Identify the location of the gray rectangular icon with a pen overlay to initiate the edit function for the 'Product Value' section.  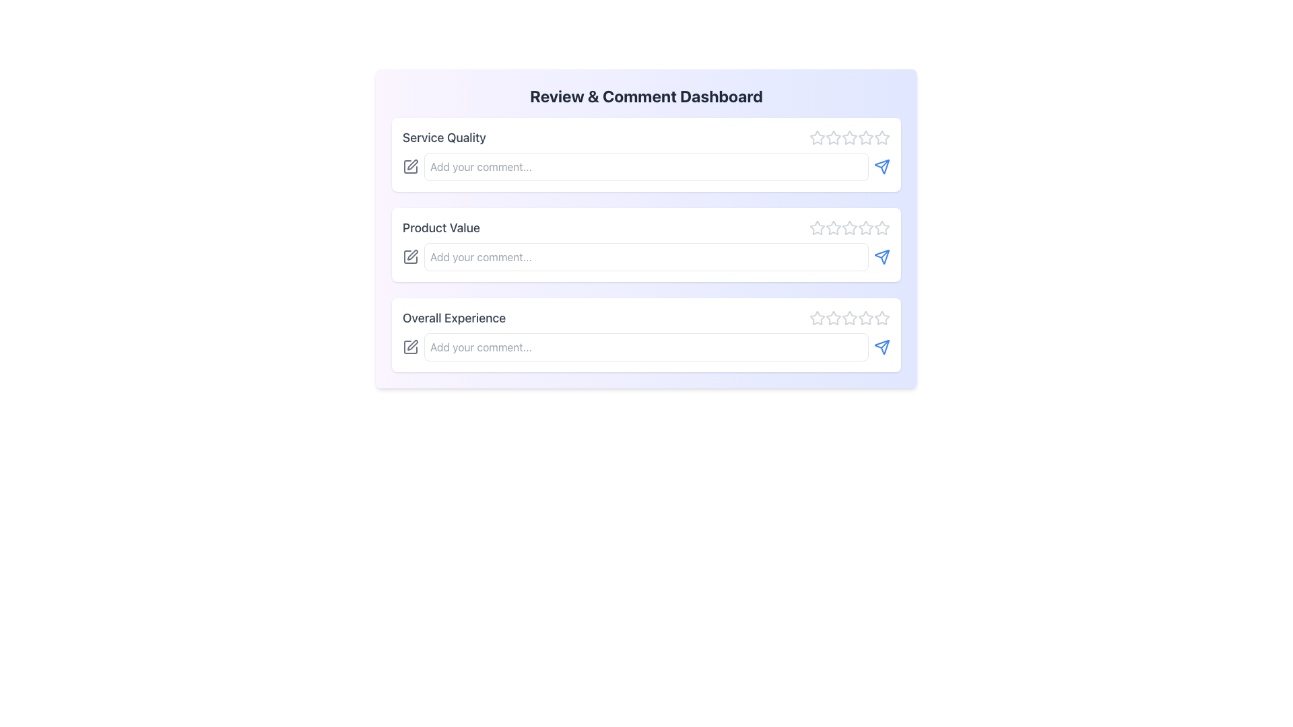
(409, 256).